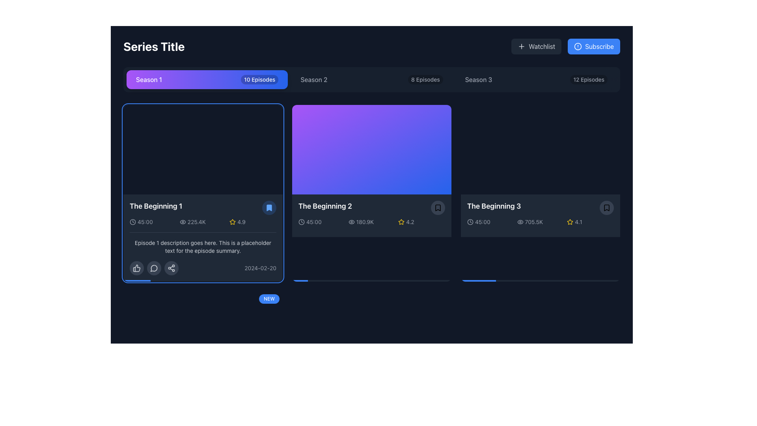  I want to click on the text label displaying '45:00', styled in light gray, located to the right of a clock icon in the bottom-left corner of 'The Beginning 3' card, so click(482, 222).